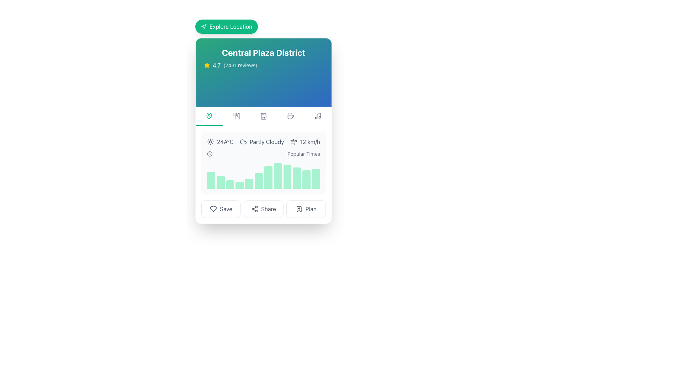  What do you see at coordinates (231, 26) in the screenshot?
I see `the text label within the button that initiates action` at bounding box center [231, 26].